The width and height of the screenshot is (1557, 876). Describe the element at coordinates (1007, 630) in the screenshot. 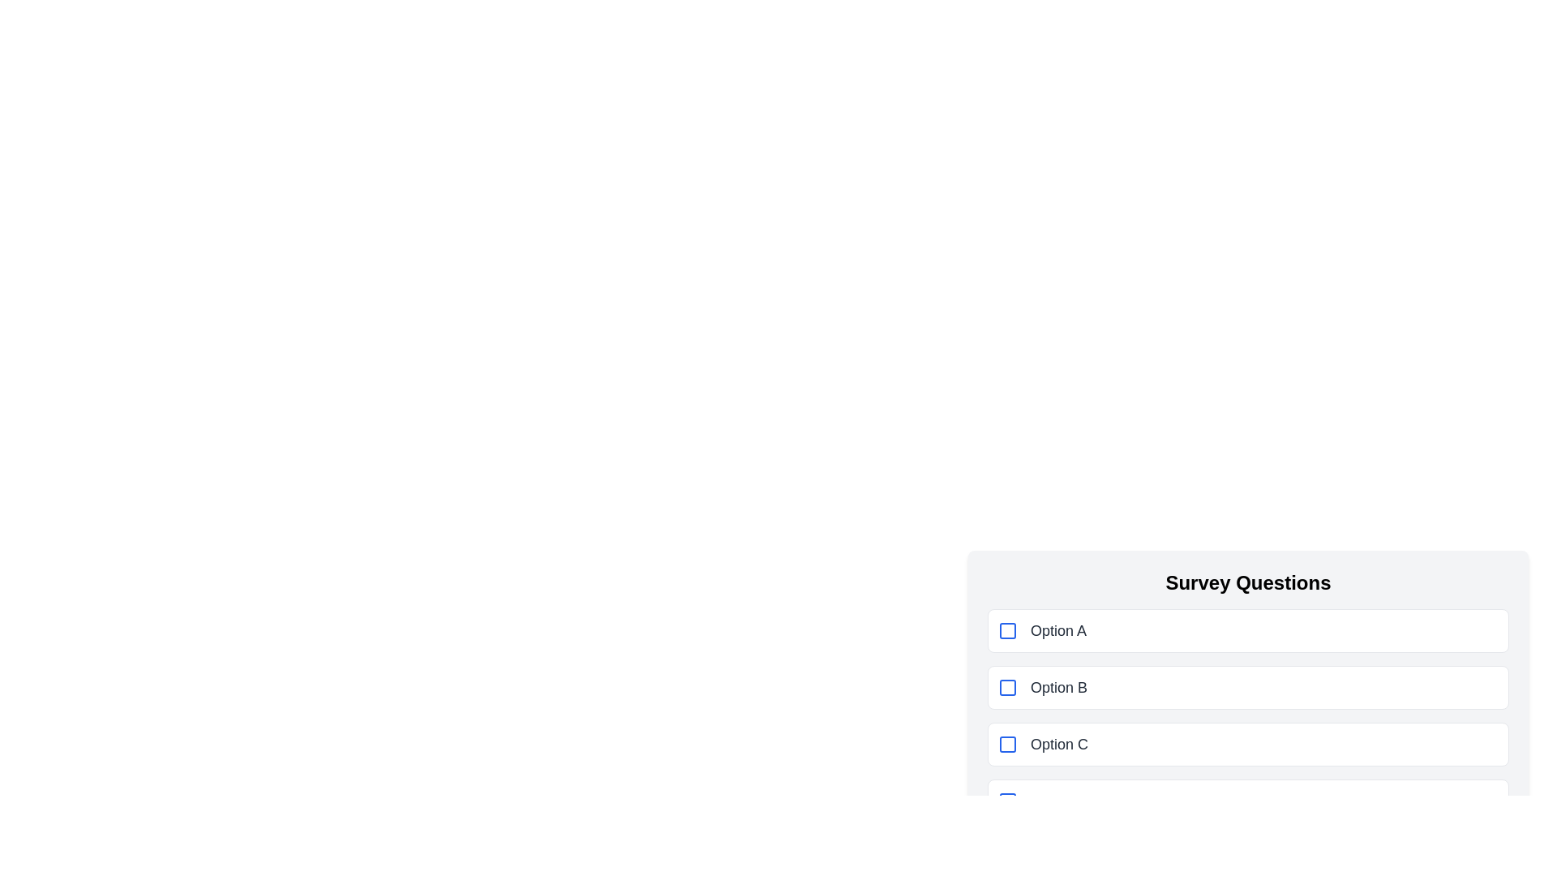

I see `the blue square checkbox located to the left of the label 'Option A'` at that location.